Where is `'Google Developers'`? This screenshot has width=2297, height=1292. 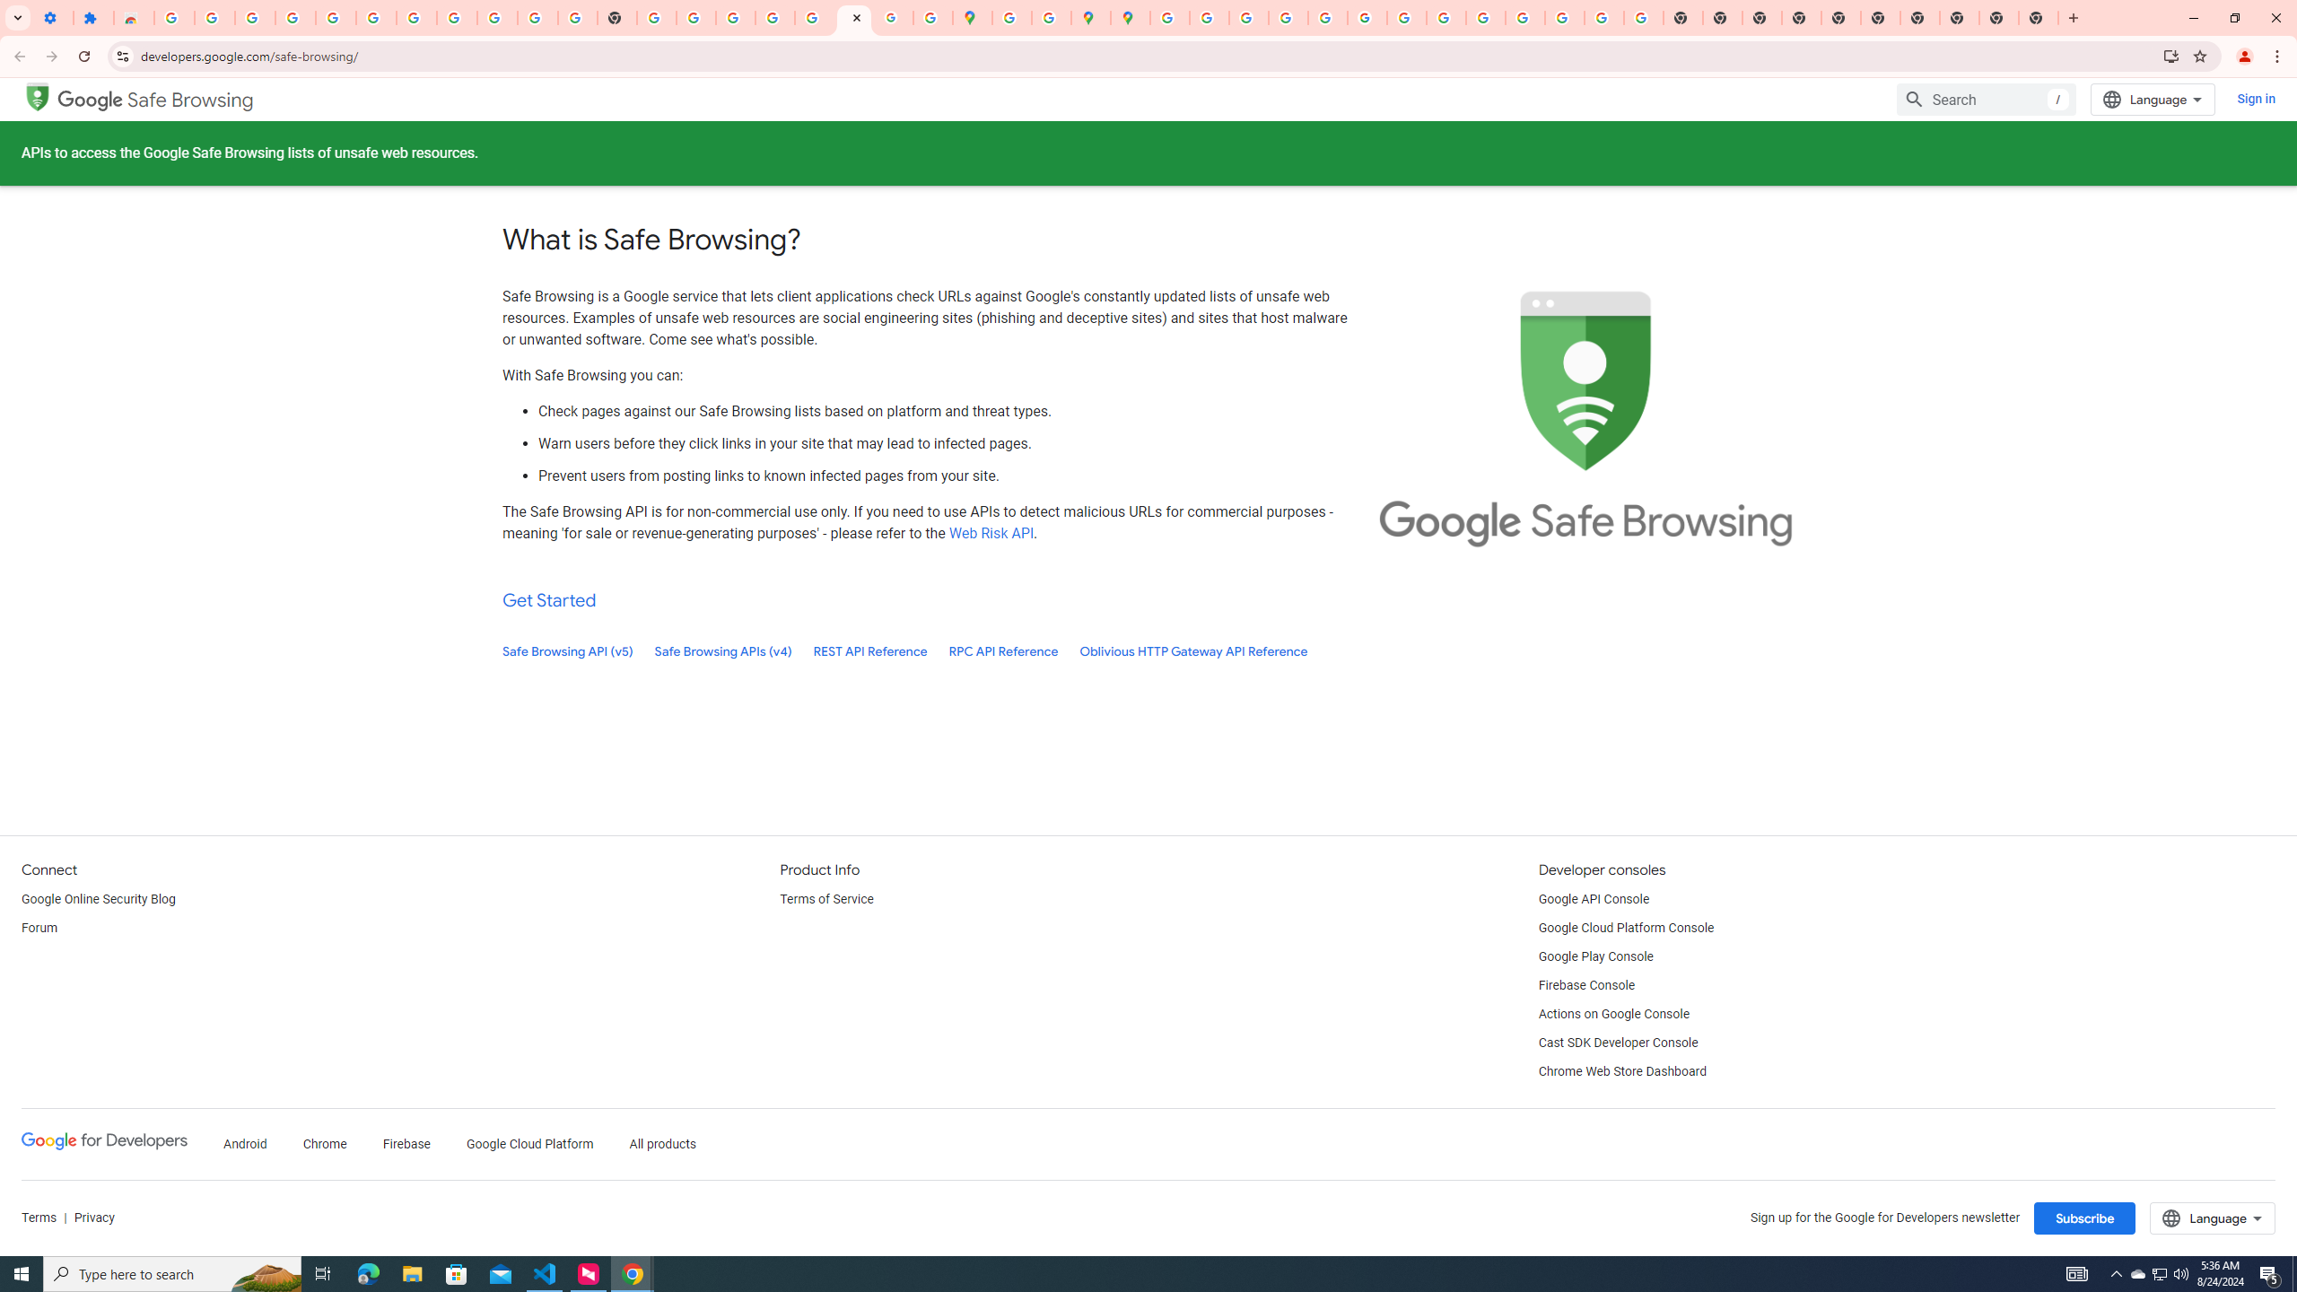
'Google Developers' is located at coordinates (103, 1144).